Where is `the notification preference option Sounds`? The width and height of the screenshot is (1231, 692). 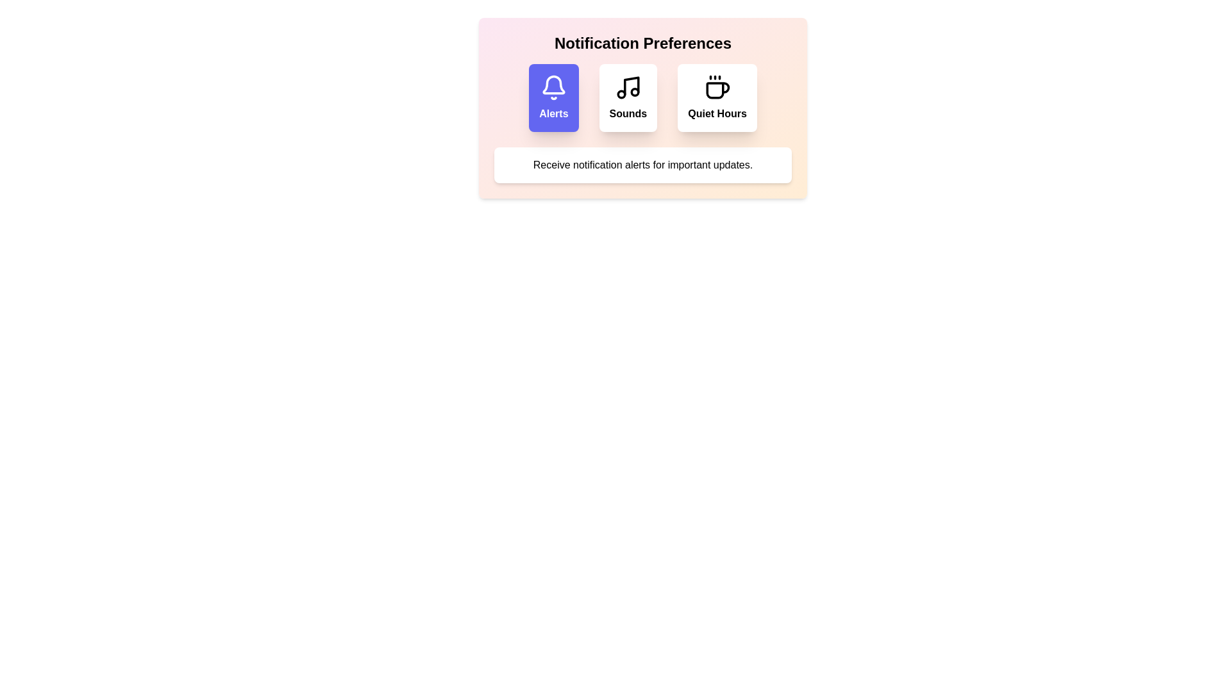 the notification preference option Sounds is located at coordinates (628, 97).